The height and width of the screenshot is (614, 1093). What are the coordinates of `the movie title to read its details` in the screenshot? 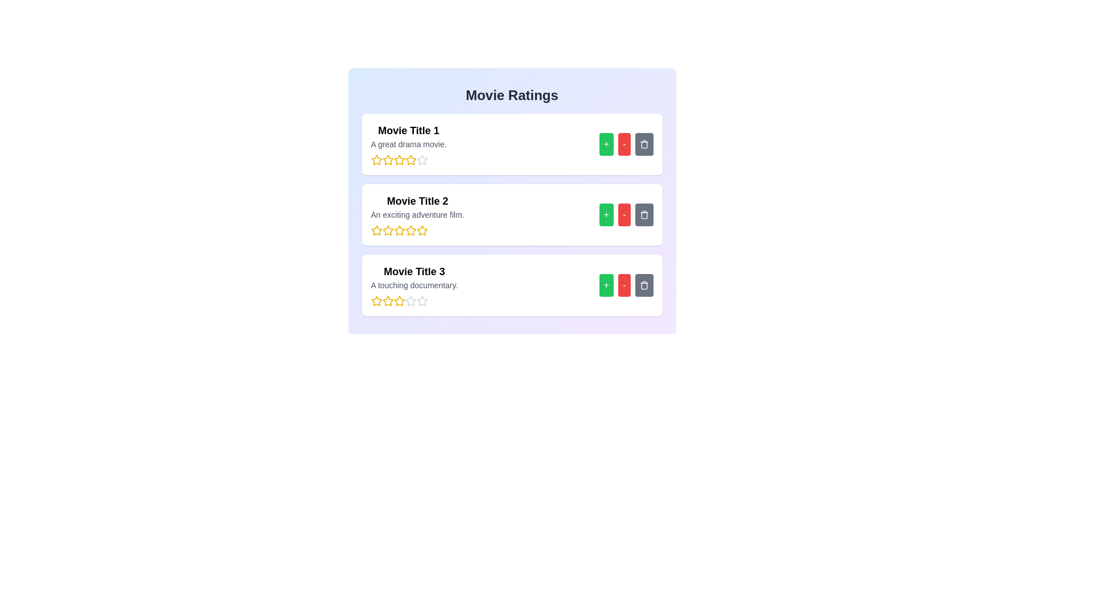 It's located at (409, 130).